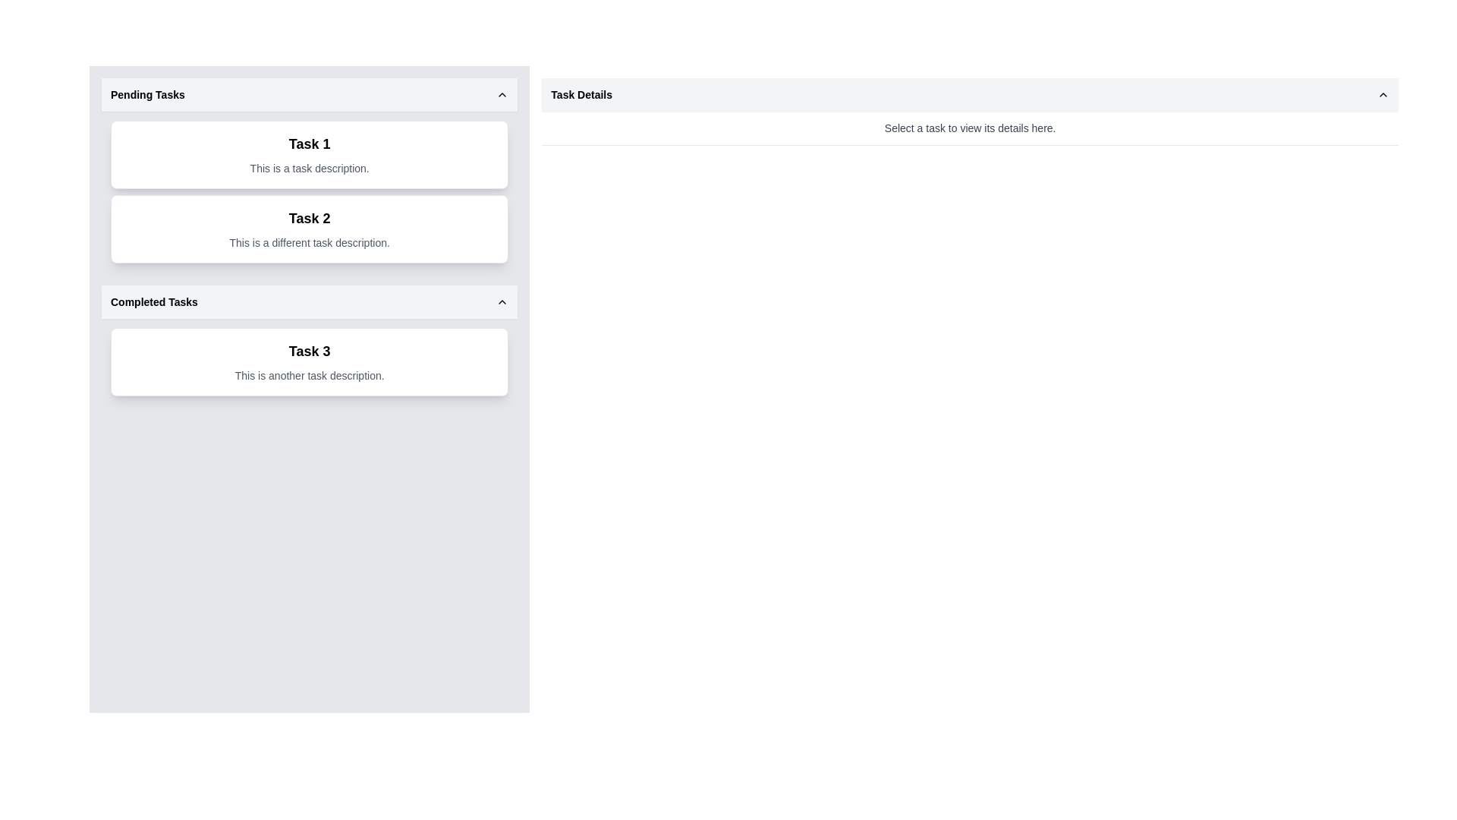 The width and height of the screenshot is (1457, 820). What do you see at coordinates (309, 143) in the screenshot?
I see `the text label that displays the title of a task in the 'Pending Tasks' section, positioned at the top of the task card` at bounding box center [309, 143].